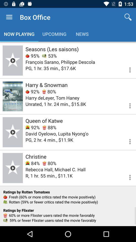  Describe the element at coordinates (46, 85) in the screenshot. I see `icon above the 92% item` at that location.